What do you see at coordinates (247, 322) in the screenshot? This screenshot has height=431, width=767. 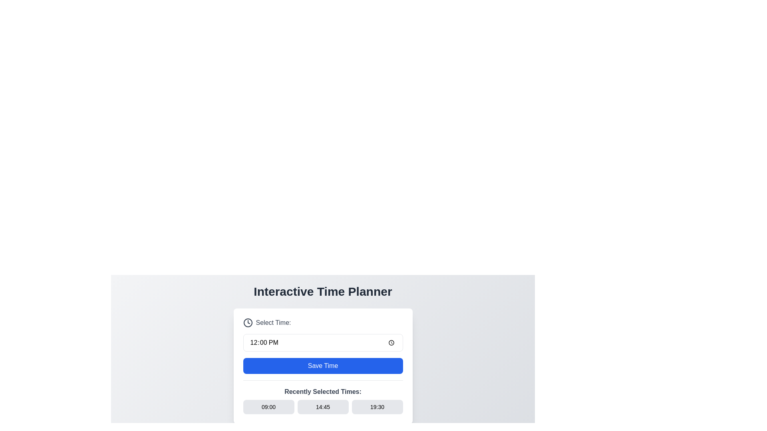 I see `the clock icon, which is a gray outlined SVG graphic located to the left of the 'Select Time:' label in the upper section of the dialog box` at bounding box center [247, 322].